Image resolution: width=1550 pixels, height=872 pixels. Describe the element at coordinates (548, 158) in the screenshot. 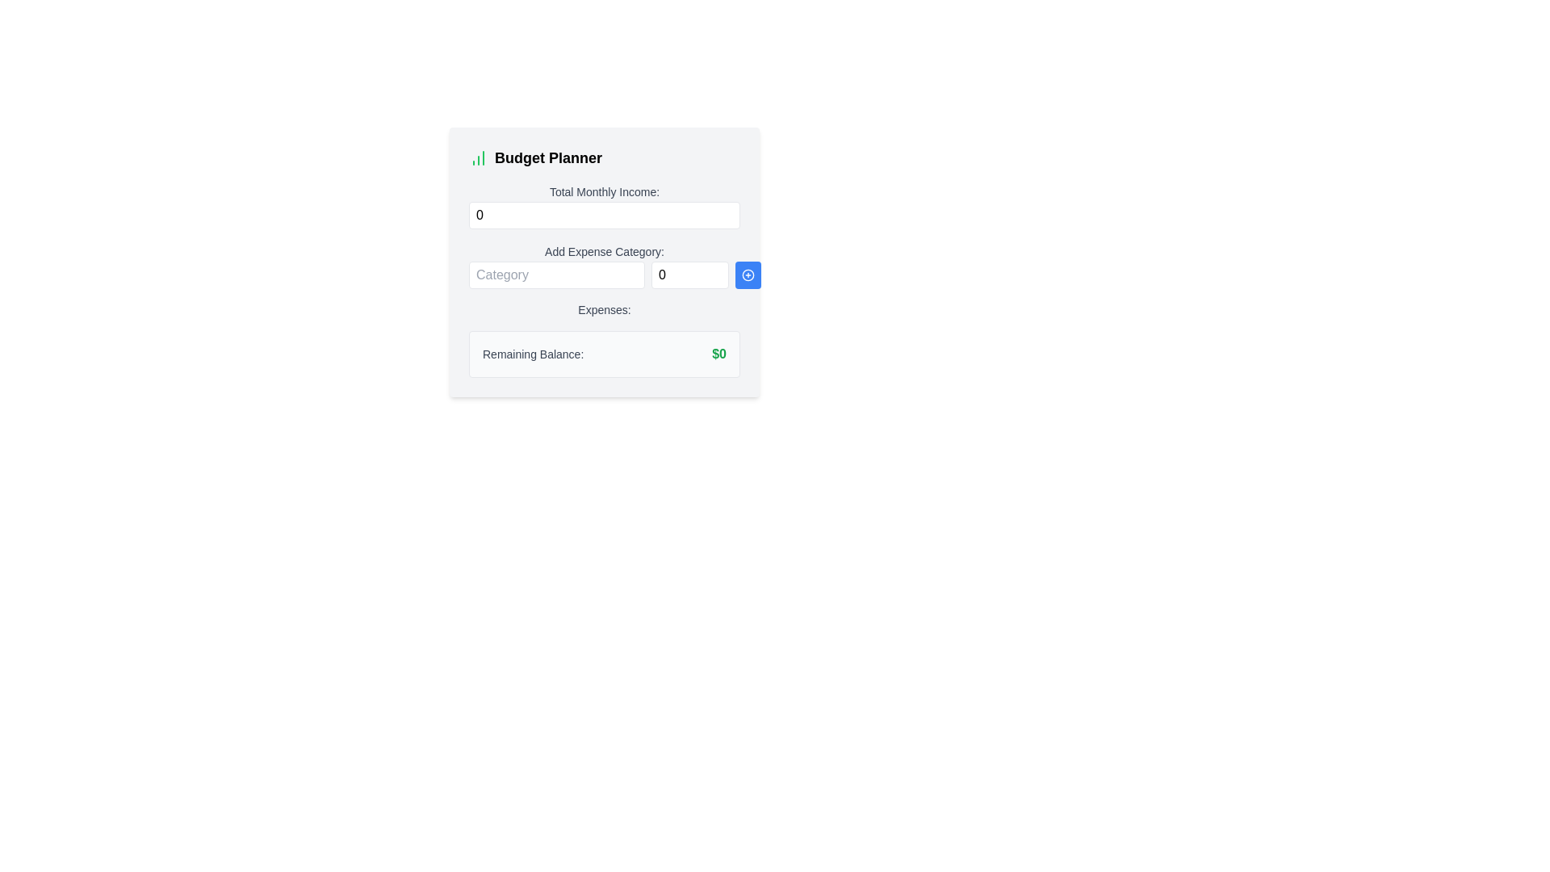

I see `text from the 'Budget Planner' label, which is displayed in bold and larger font size, located near the top of the interface` at that location.